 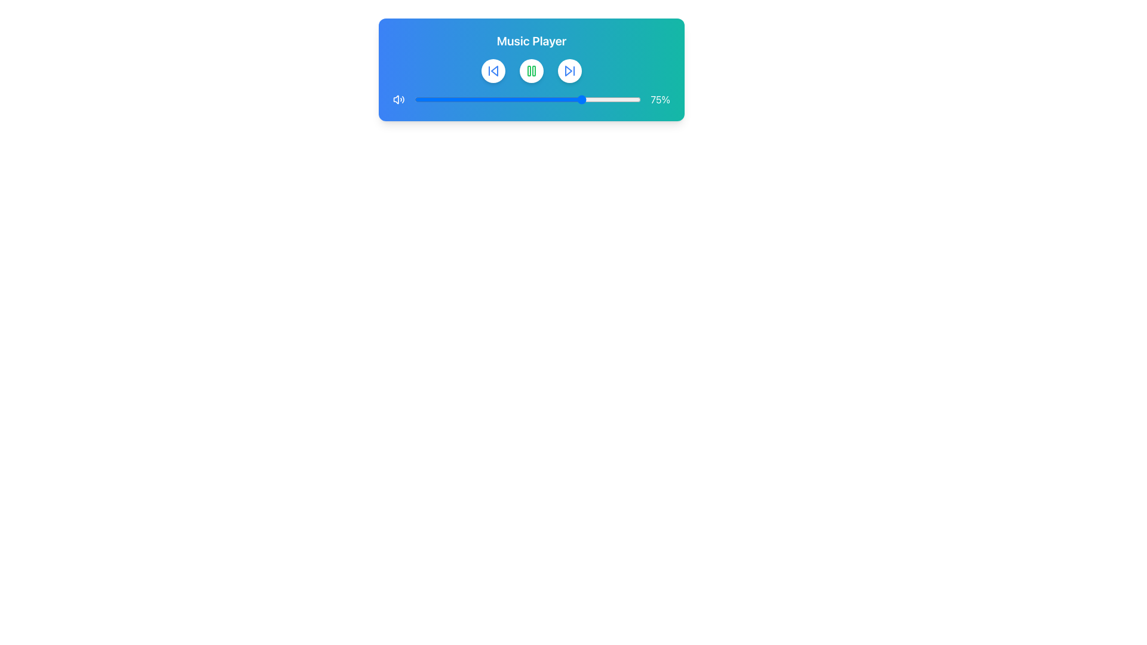 I want to click on the pause button, which is styled with two vertical rectangles inside a circular green area, located between the previous and next control buttons in the music player interface, so click(x=530, y=71).